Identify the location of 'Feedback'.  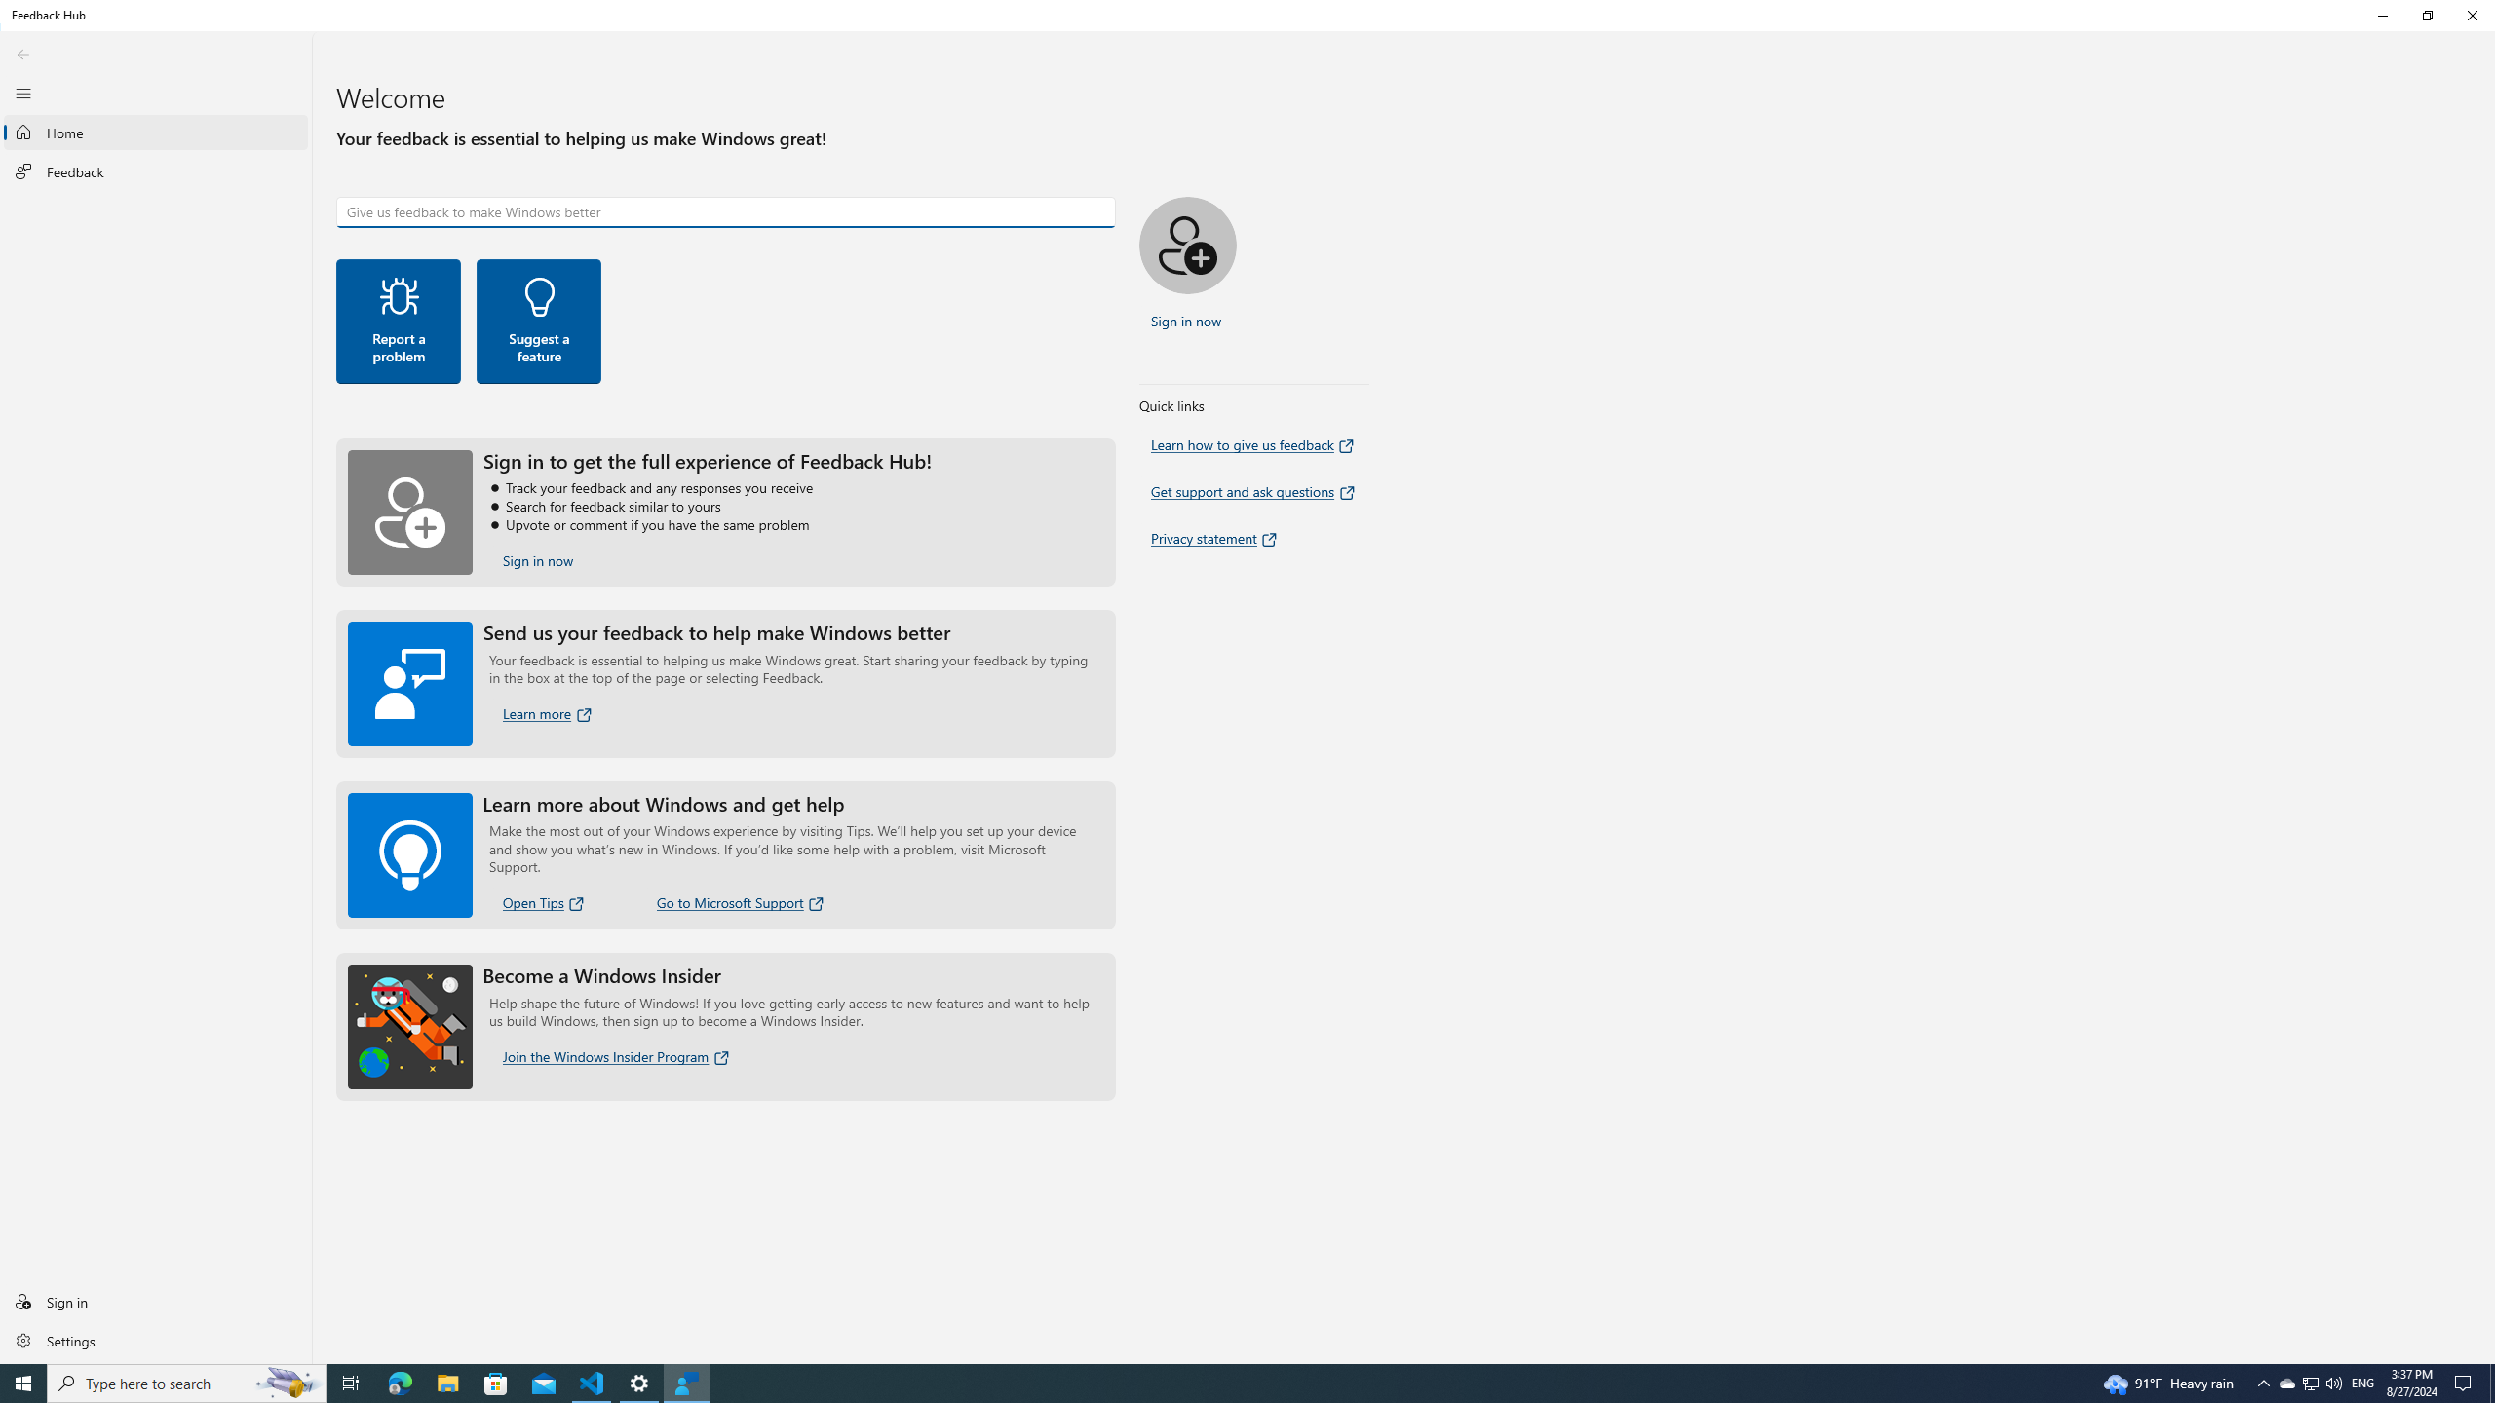
(155, 171).